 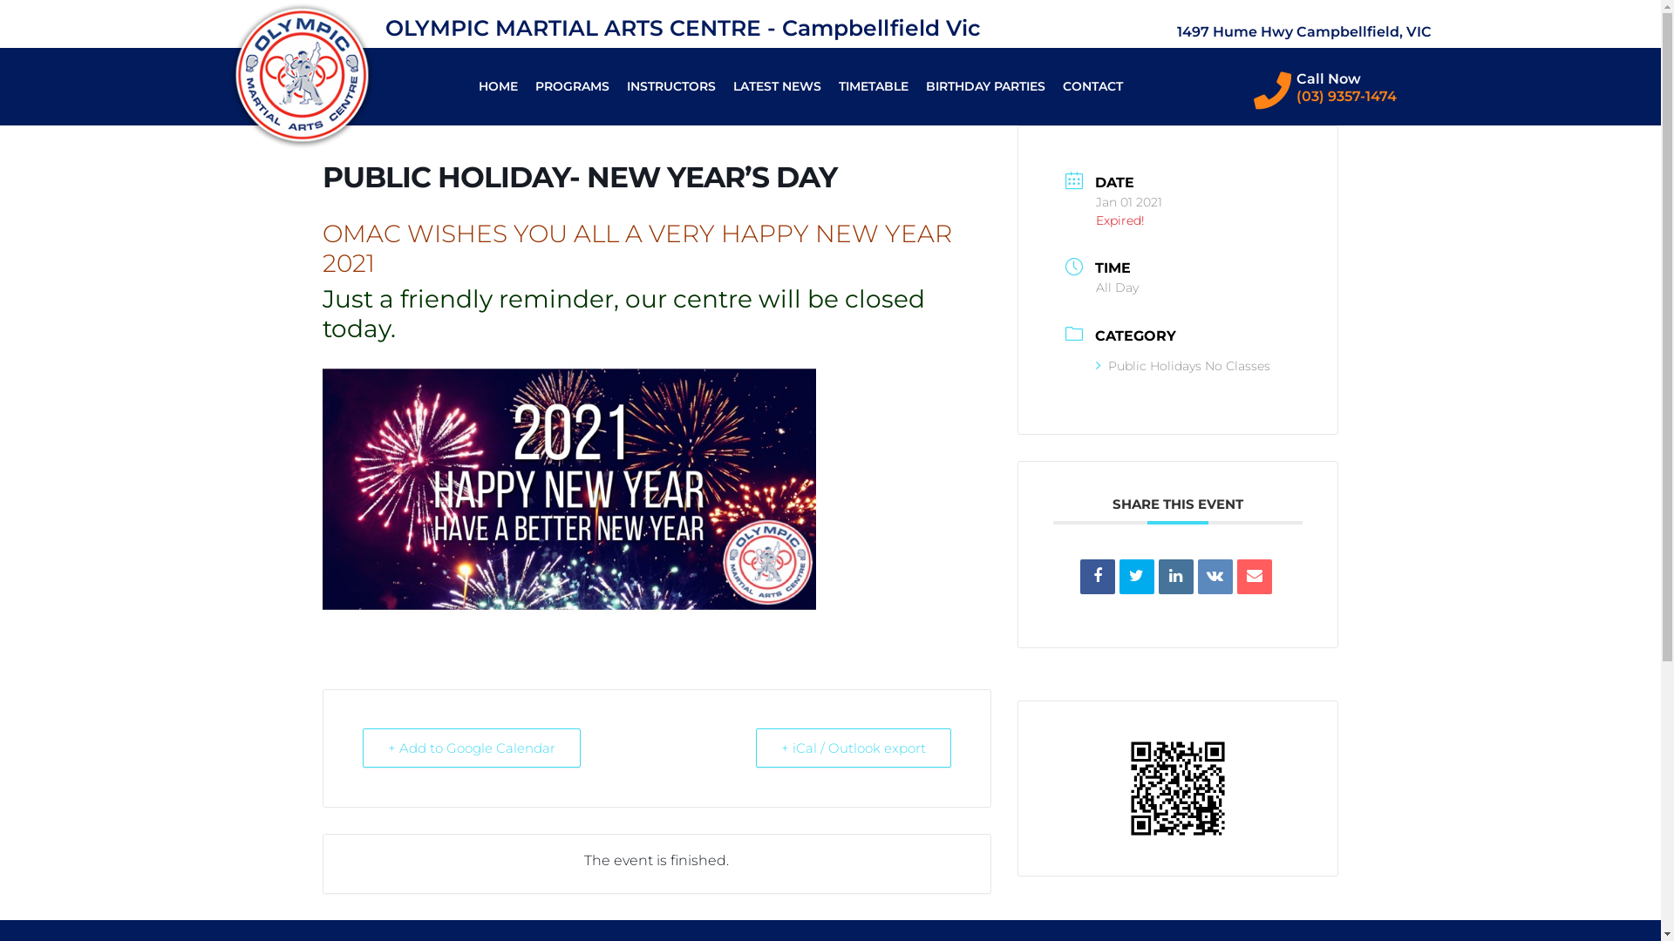 What do you see at coordinates (469, 86) in the screenshot?
I see `'HOME'` at bounding box center [469, 86].